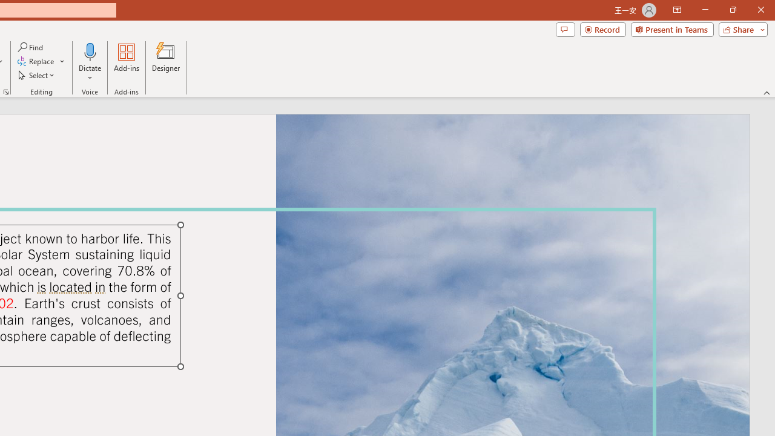  What do you see at coordinates (165, 62) in the screenshot?
I see `'Designer'` at bounding box center [165, 62].